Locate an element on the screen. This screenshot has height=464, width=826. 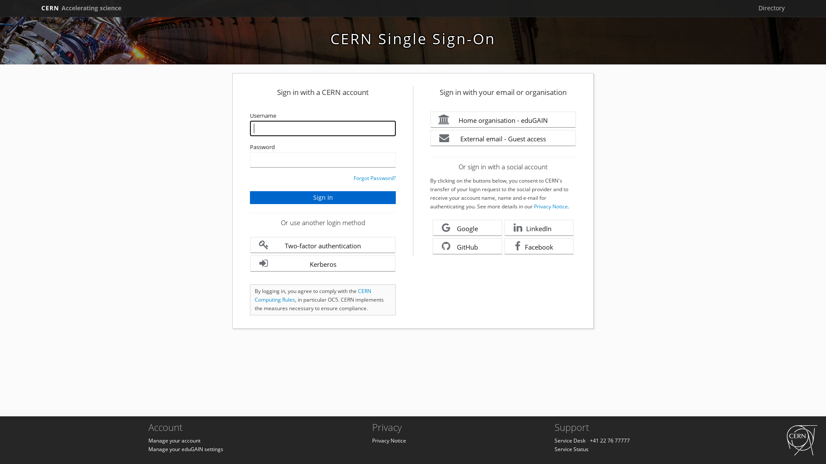
'CERN Accelerating science' is located at coordinates (81, 8).